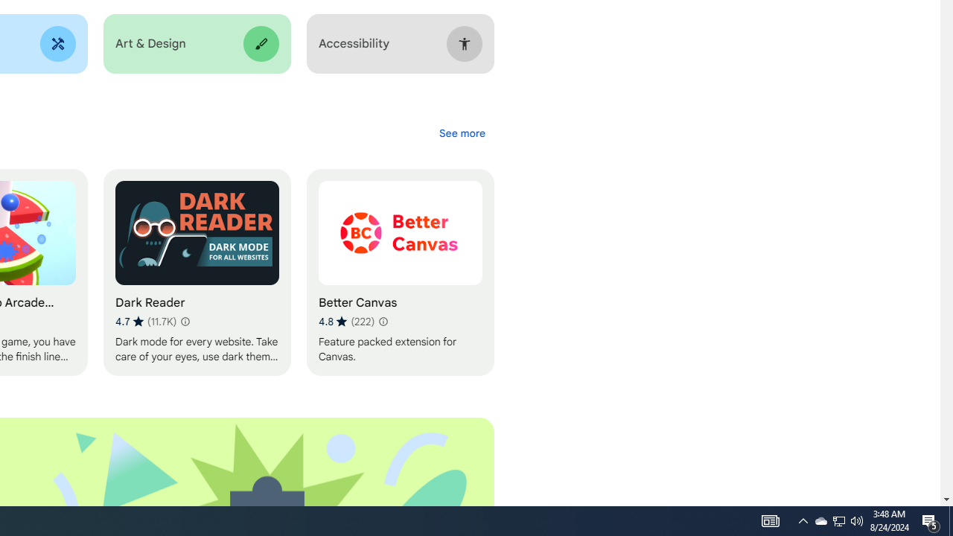  What do you see at coordinates (345, 321) in the screenshot?
I see `'Average rating 4.8 out of 5 stars. 222 ratings.'` at bounding box center [345, 321].